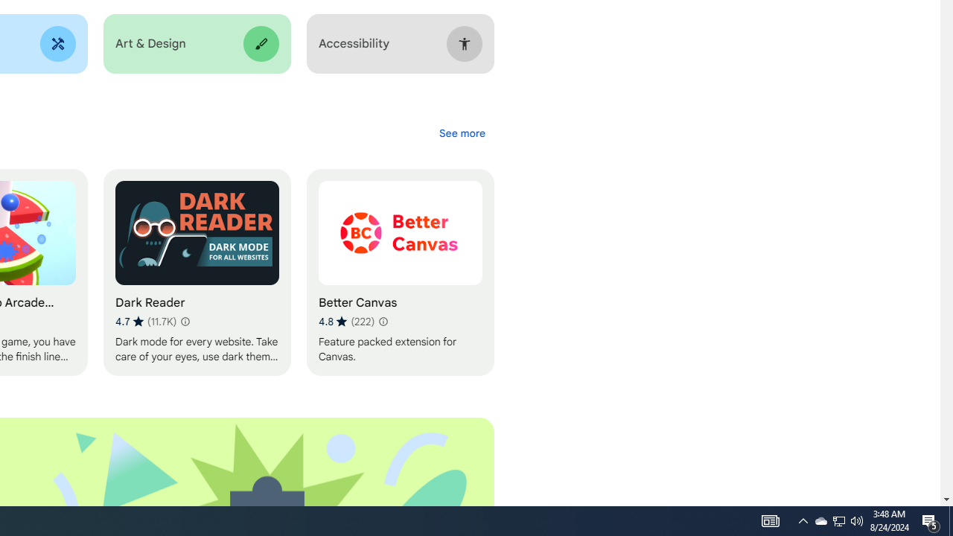  What do you see at coordinates (345, 321) in the screenshot?
I see `'Average rating 4.8 out of 5 stars. 222 ratings.'` at bounding box center [345, 321].